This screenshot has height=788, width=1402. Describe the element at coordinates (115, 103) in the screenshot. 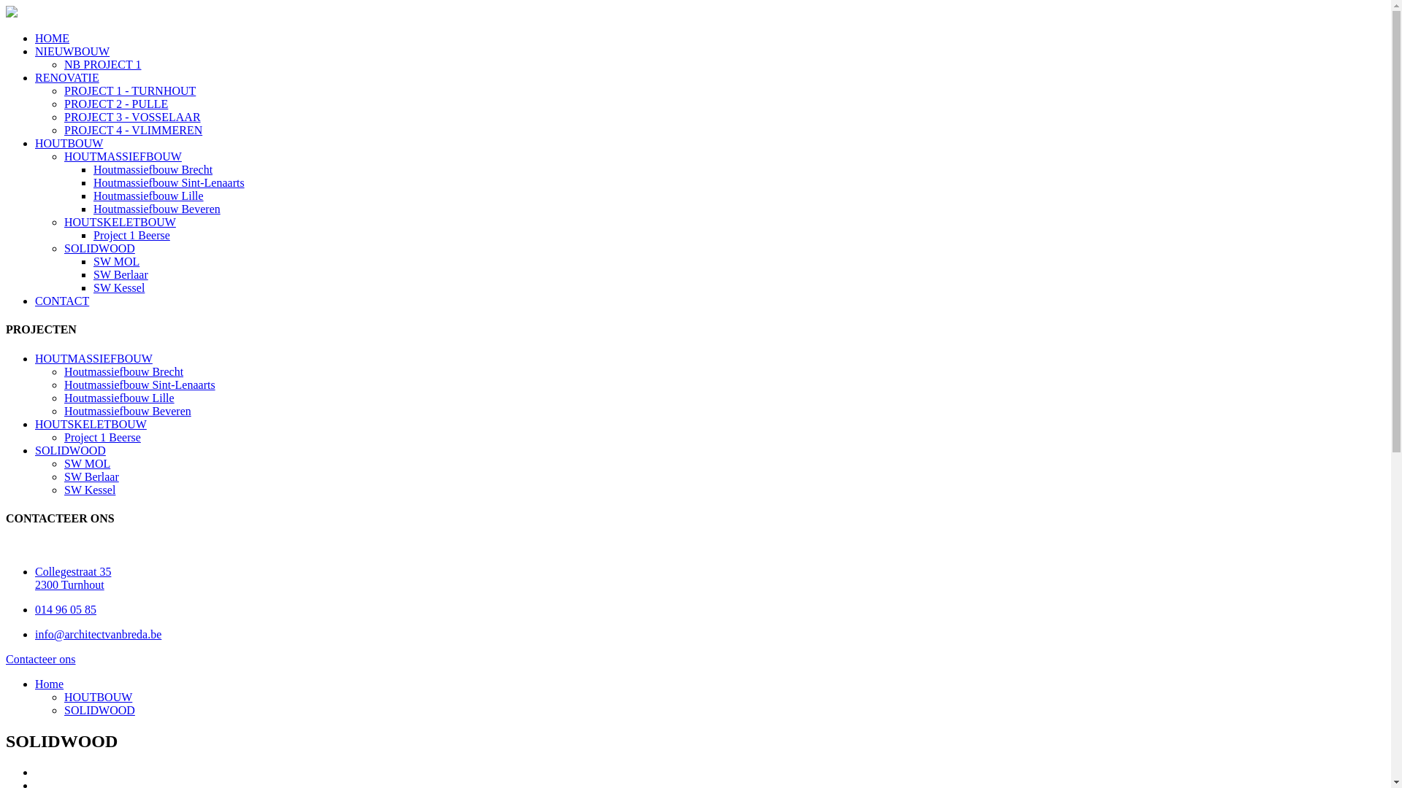

I see `'PROJECT 2 - PULLE'` at that location.